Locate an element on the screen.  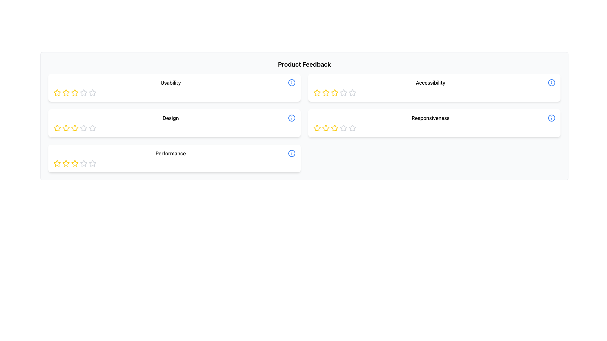
the third star icon in the 'Design' rating row is located at coordinates (92, 128).